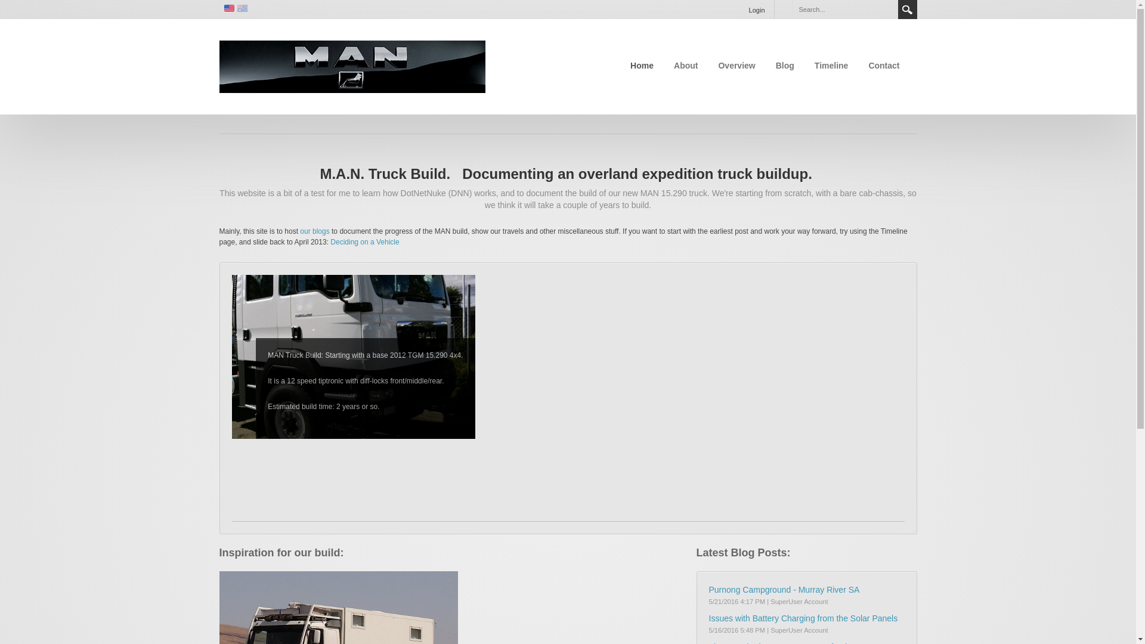 Image resolution: width=1145 pixels, height=644 pixels. I want to click on 'Clear search text', so click(886, 9).